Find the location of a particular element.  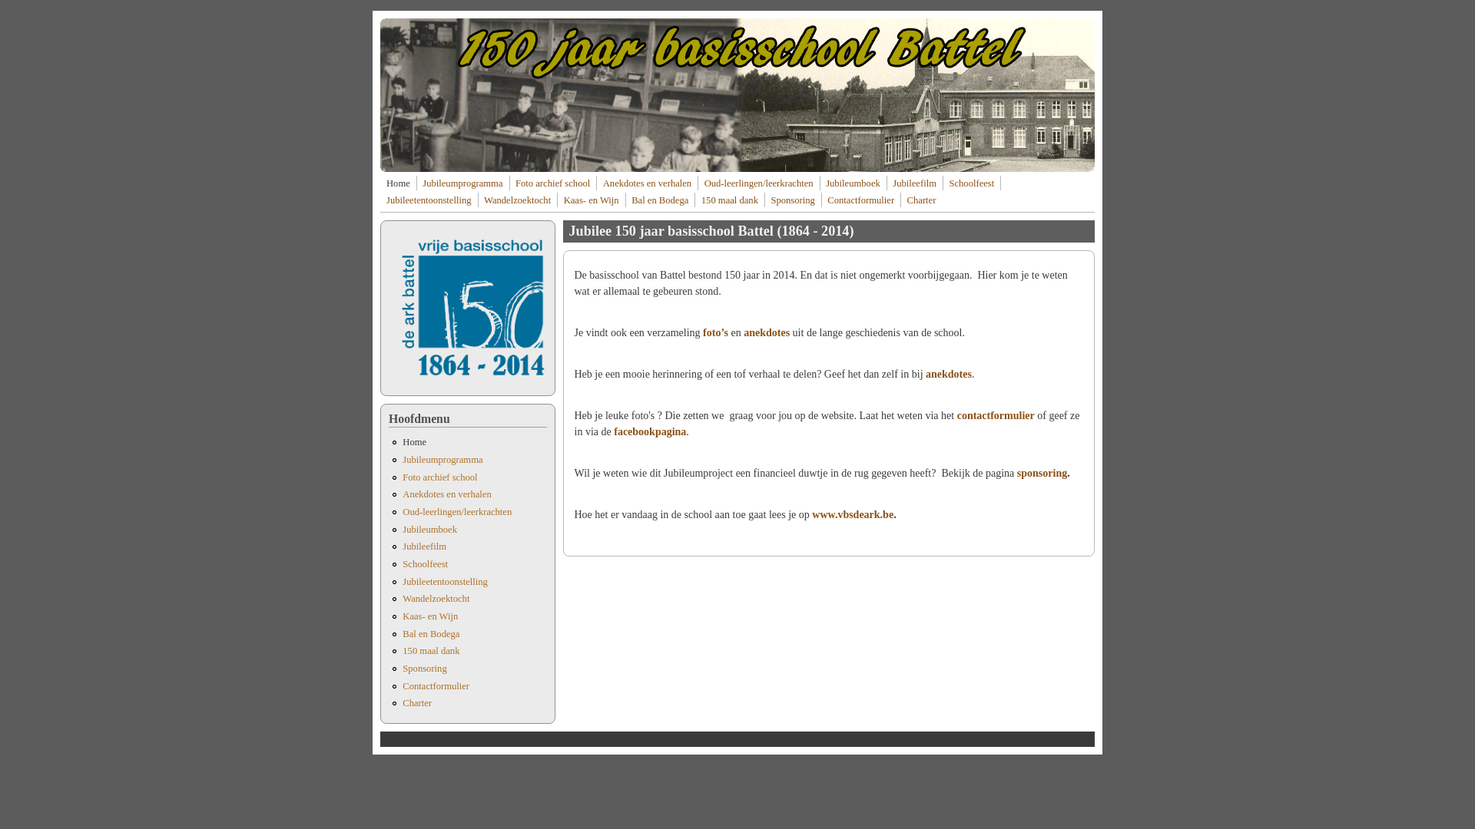

'Anekdotes en verhalen' is located at coordinates (599, 183).